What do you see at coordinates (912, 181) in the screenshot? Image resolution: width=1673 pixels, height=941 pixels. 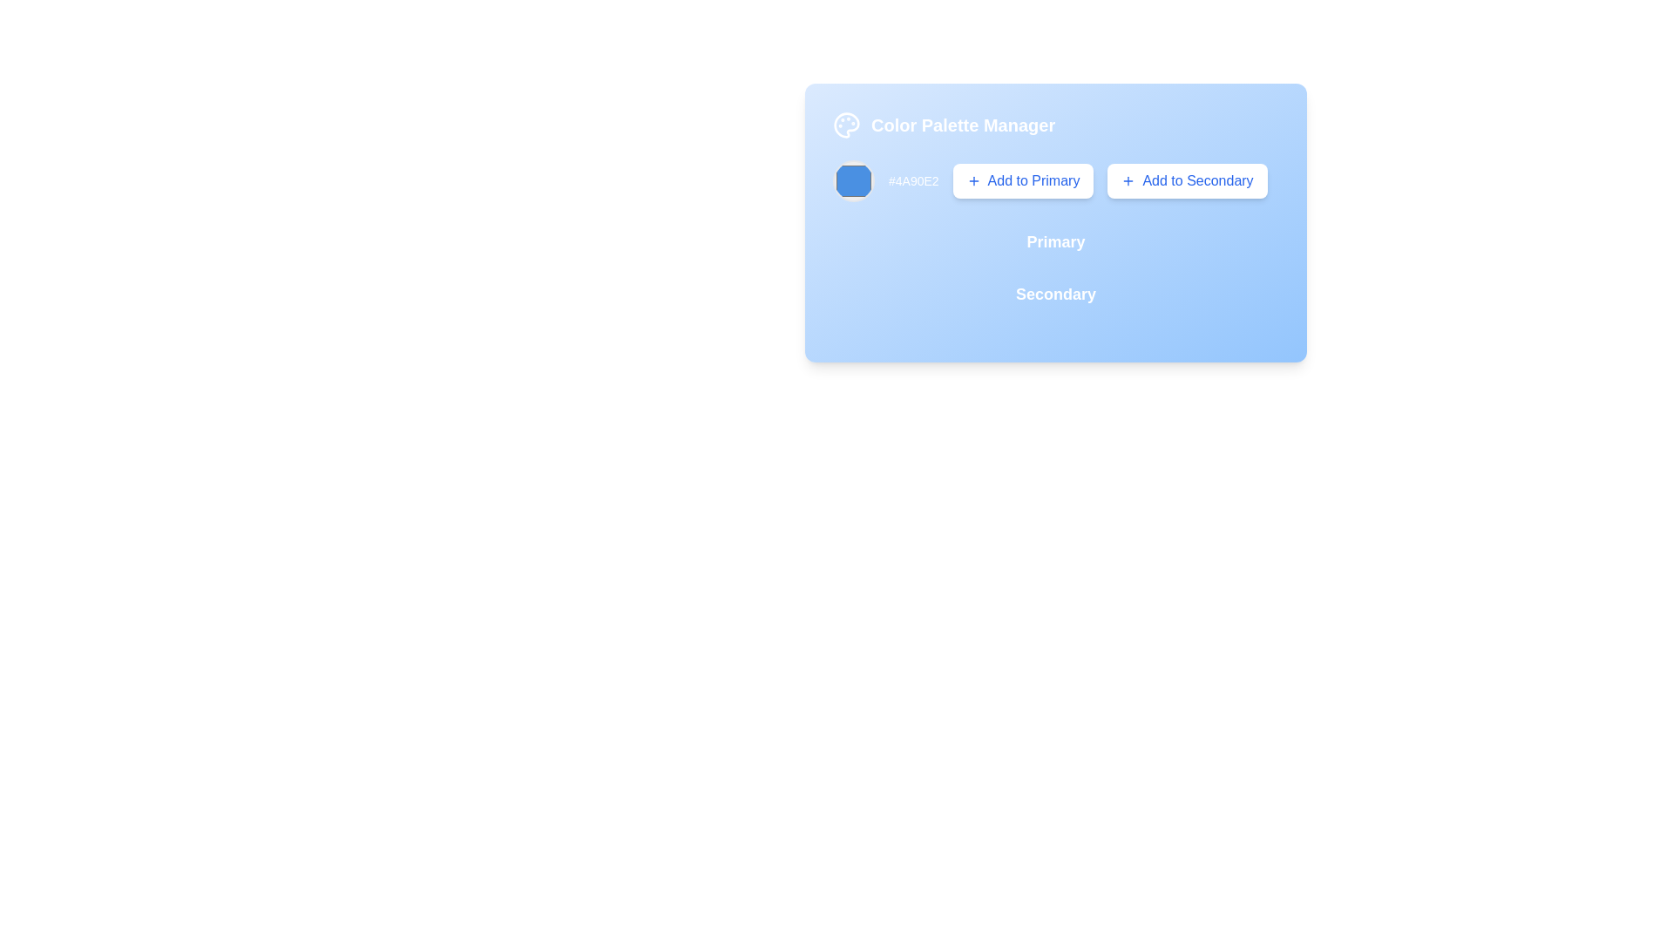 I see `the text label displaying the hexadecimal color code '#4A90E2', which is styled with white text on a transparent or light blue background and is positioned to the right of a color swatch` at bounding box center [912, 181].